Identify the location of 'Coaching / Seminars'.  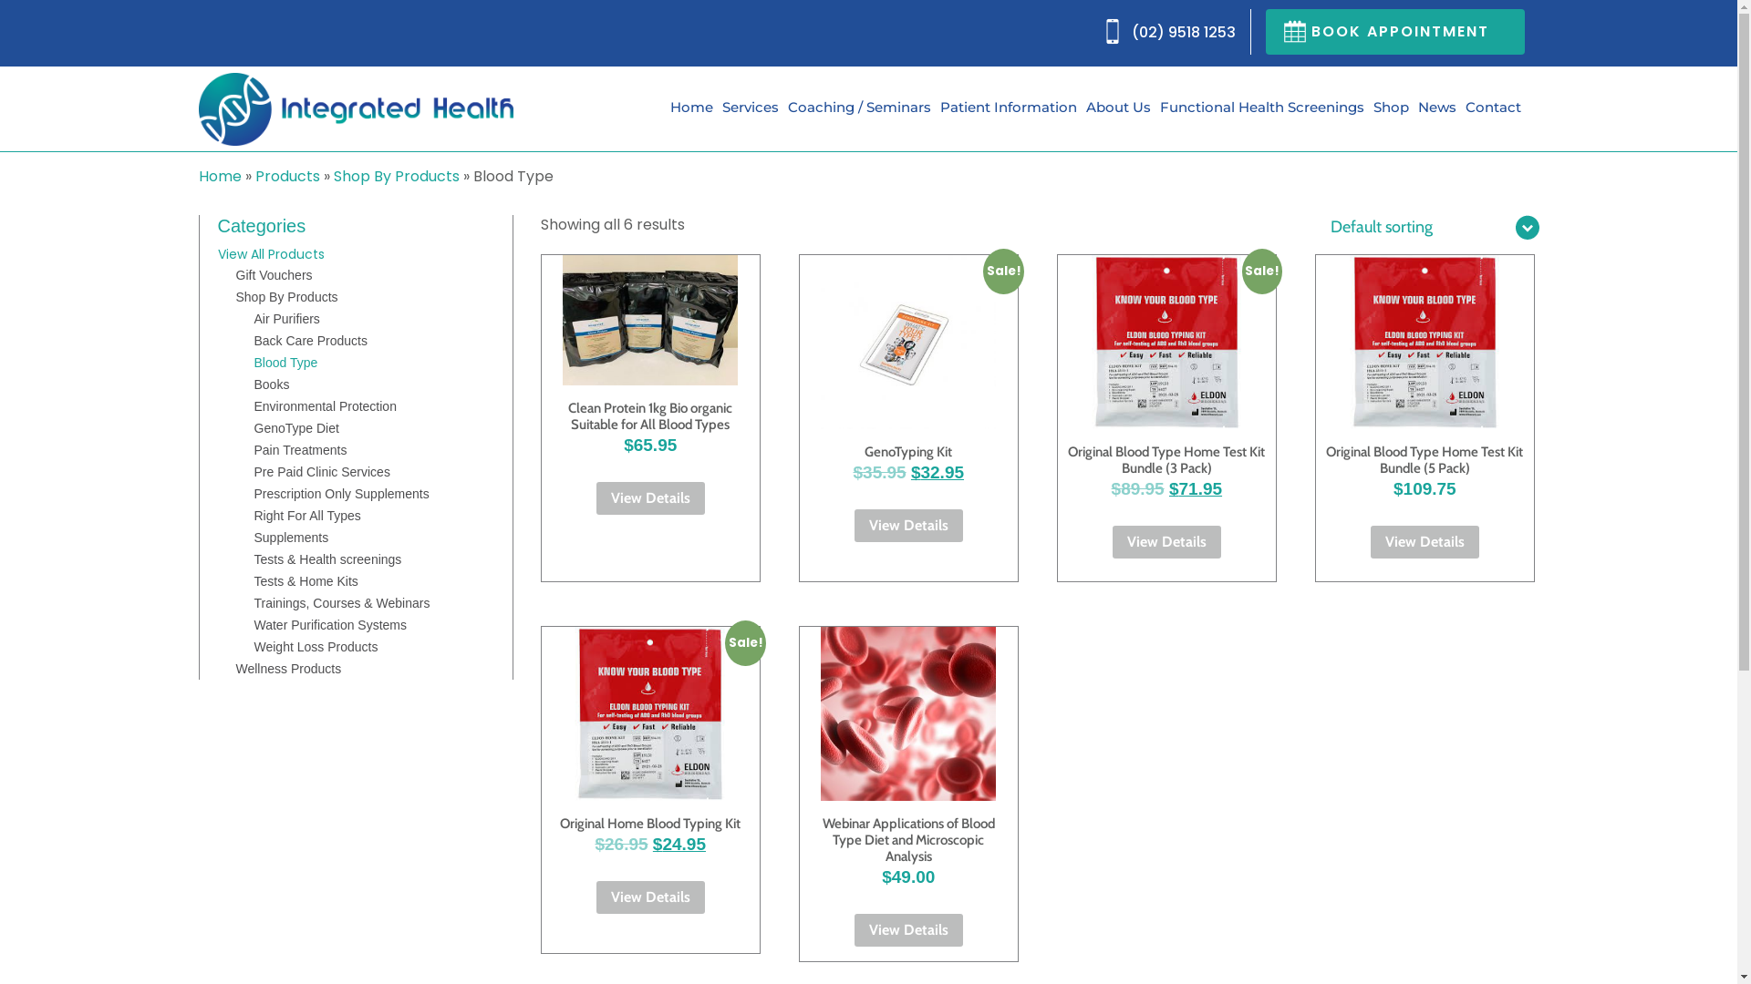
(858, 108).